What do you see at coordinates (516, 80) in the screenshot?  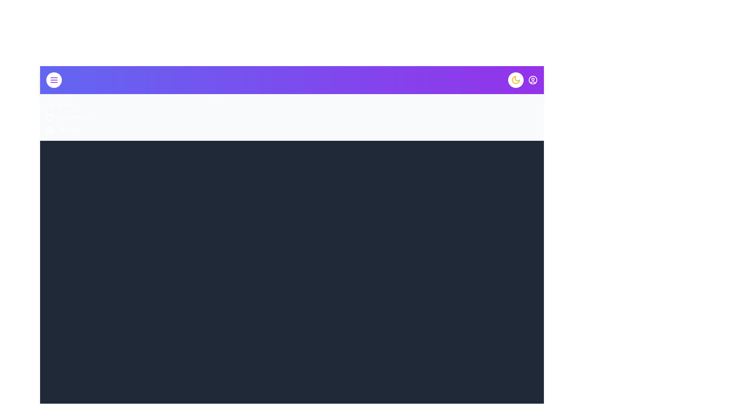 I see `the button with the moon icon to toggle dark mode` at bounding box center [516, 80].